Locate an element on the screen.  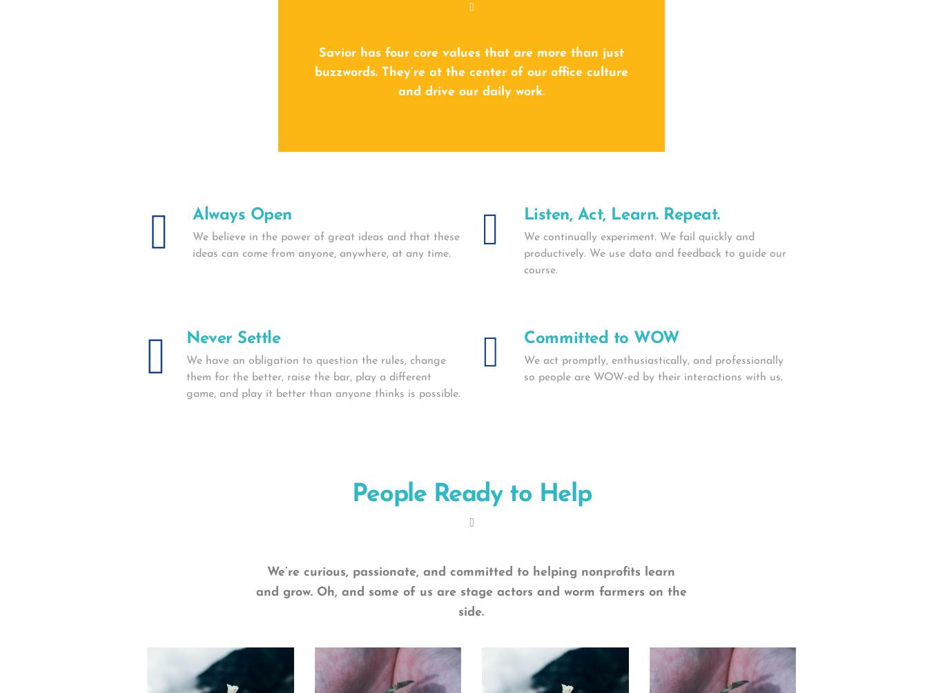
'Committed to WOW' is located at coordinates (601, 338).